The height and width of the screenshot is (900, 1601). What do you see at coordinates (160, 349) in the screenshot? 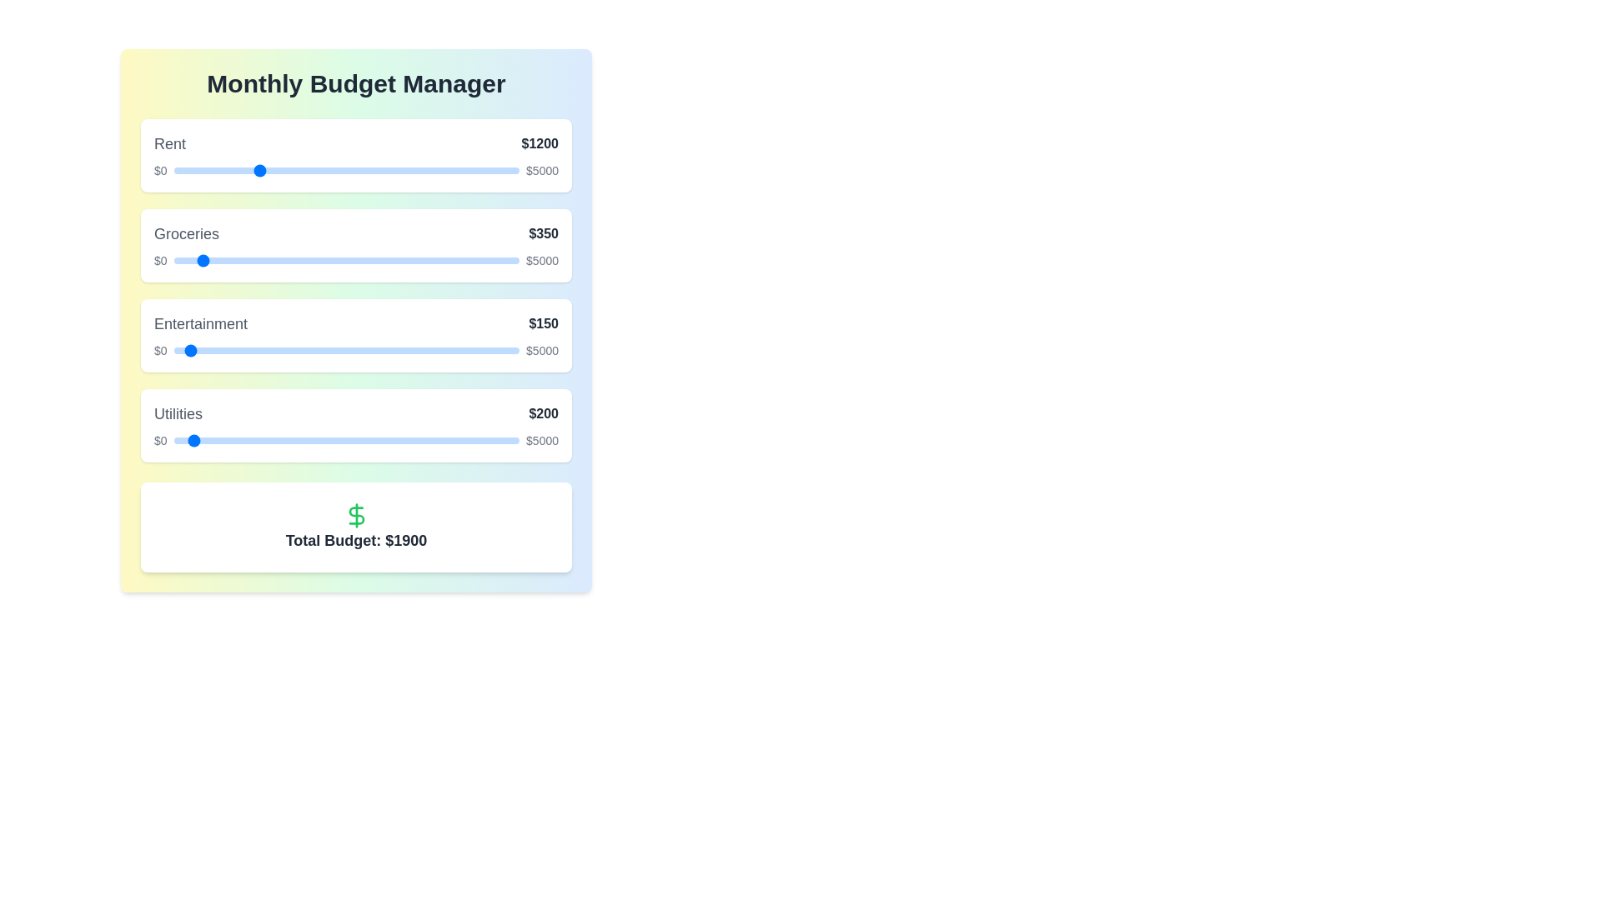
I see `the text label displaying the value '$0', which is styled in gray and positioned at the start of the slider interface component in the 'Utilities' section` at bounding box center [160, 349].